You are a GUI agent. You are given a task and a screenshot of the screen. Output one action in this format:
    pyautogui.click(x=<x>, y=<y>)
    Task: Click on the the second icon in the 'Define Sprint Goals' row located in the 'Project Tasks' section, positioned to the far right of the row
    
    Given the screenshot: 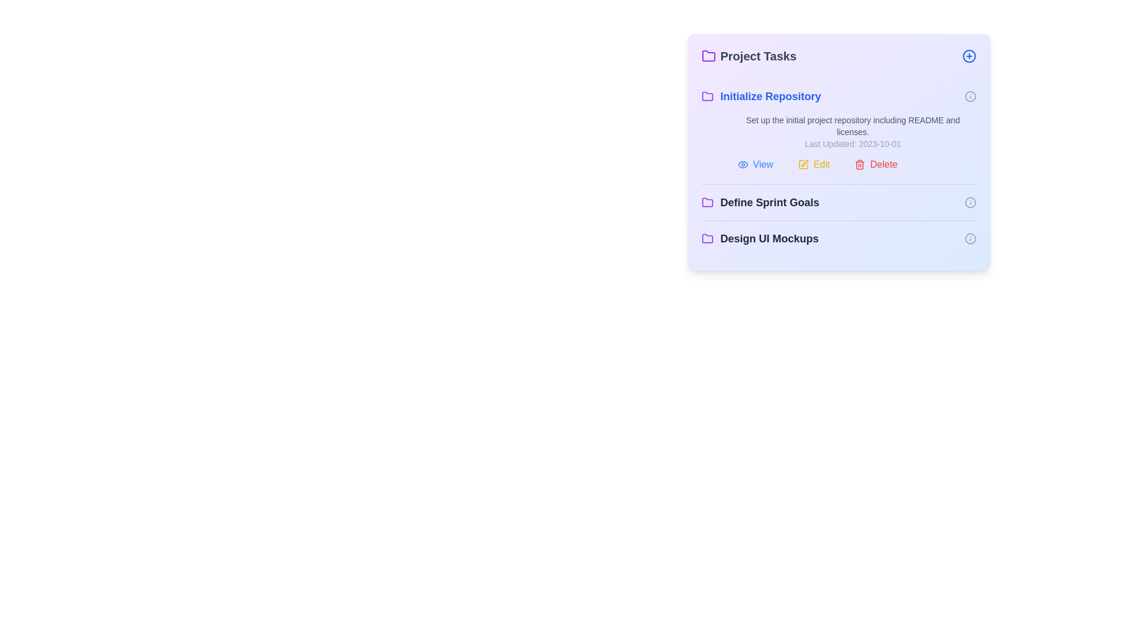 What is the action you would take?
    pyautogui.click(x=970, y=202)
    